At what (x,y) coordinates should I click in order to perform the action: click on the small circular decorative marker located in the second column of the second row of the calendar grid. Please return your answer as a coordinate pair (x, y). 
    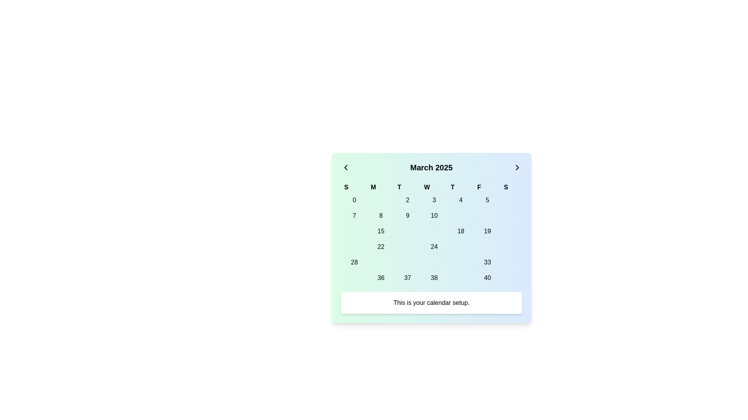
    Looking at the image, I should click on (381, 262).